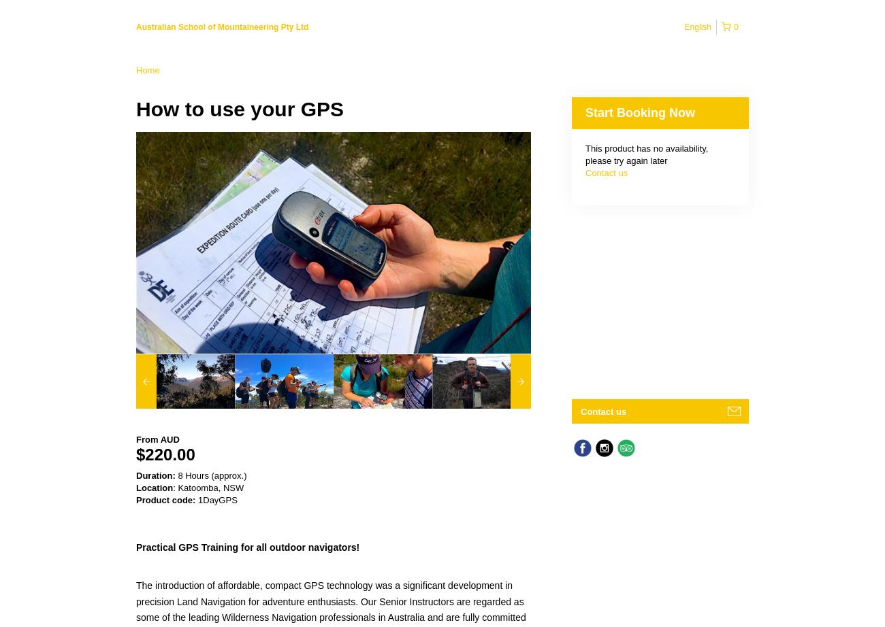  I want to click on 'How to use your GPS', so click(239, 109).